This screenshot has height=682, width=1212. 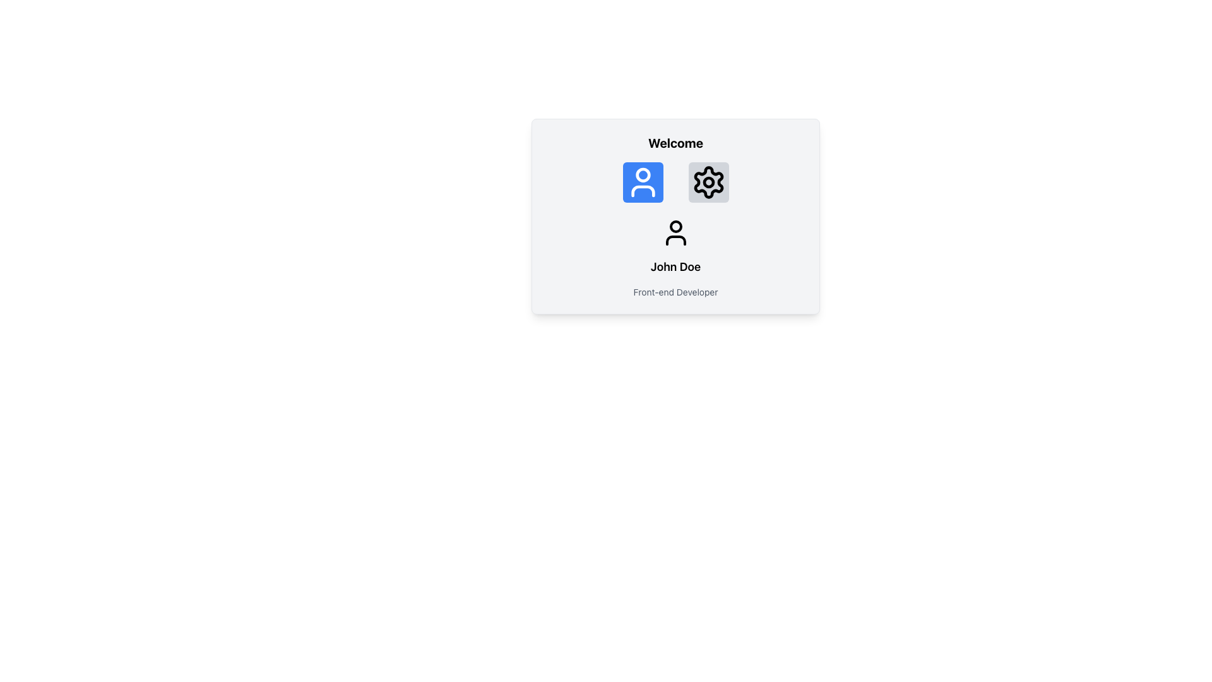 What do you see at coordinates (708, 182) in the screenshot?
I see `the gear icon, which is the second icon in a group of two icons` at bounding box center [708, 182].